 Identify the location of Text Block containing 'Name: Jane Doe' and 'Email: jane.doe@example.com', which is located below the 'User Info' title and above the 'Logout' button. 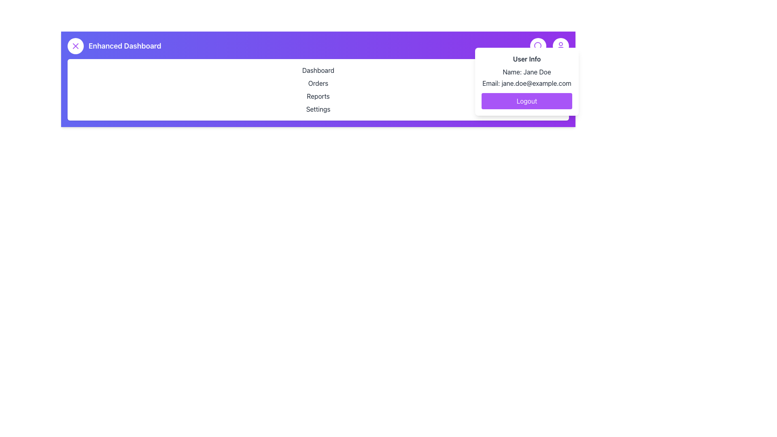
(526, 78).